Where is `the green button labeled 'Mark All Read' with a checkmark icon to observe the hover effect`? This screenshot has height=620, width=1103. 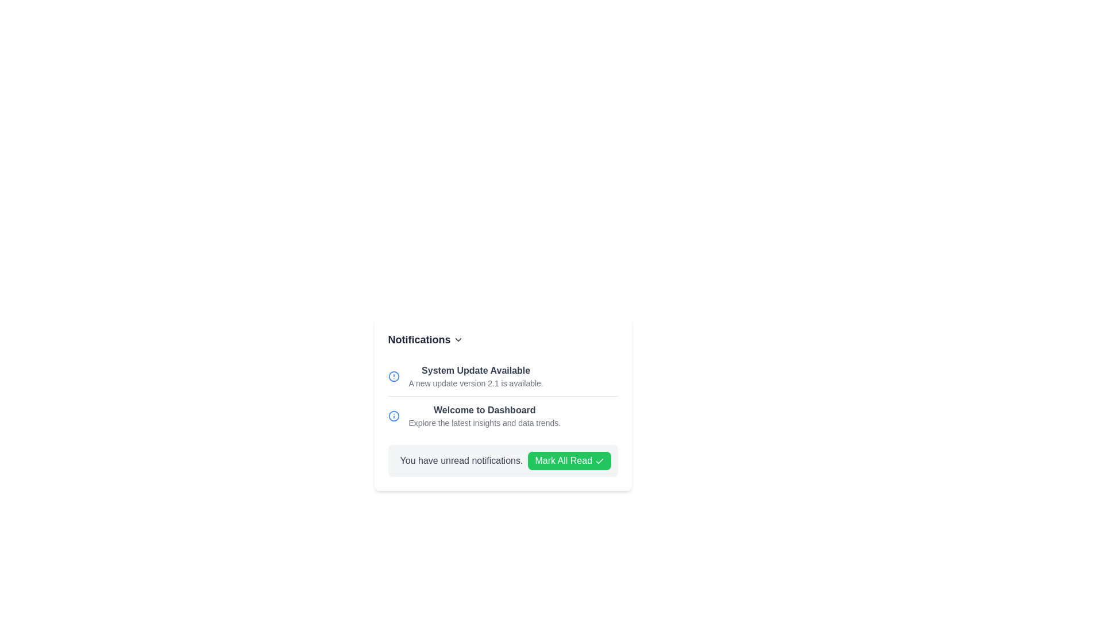 the green button labeled 'Mark All Read' with a checkmark icon to observe the hover effect is located at coordinates (569, 460).